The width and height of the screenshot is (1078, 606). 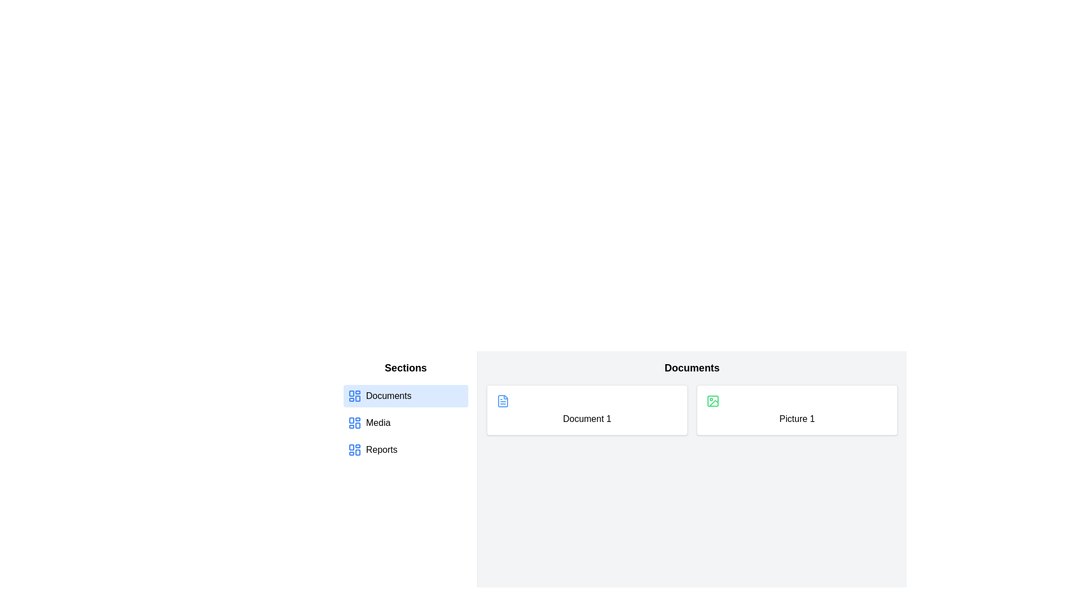 What do you see at coordinates (351, 393) in the screenshot?
I see `the static decorative element within the SVG icon representing a dashboard layout, located at the top-left corner of the interface` at bounding box center [351, 393].